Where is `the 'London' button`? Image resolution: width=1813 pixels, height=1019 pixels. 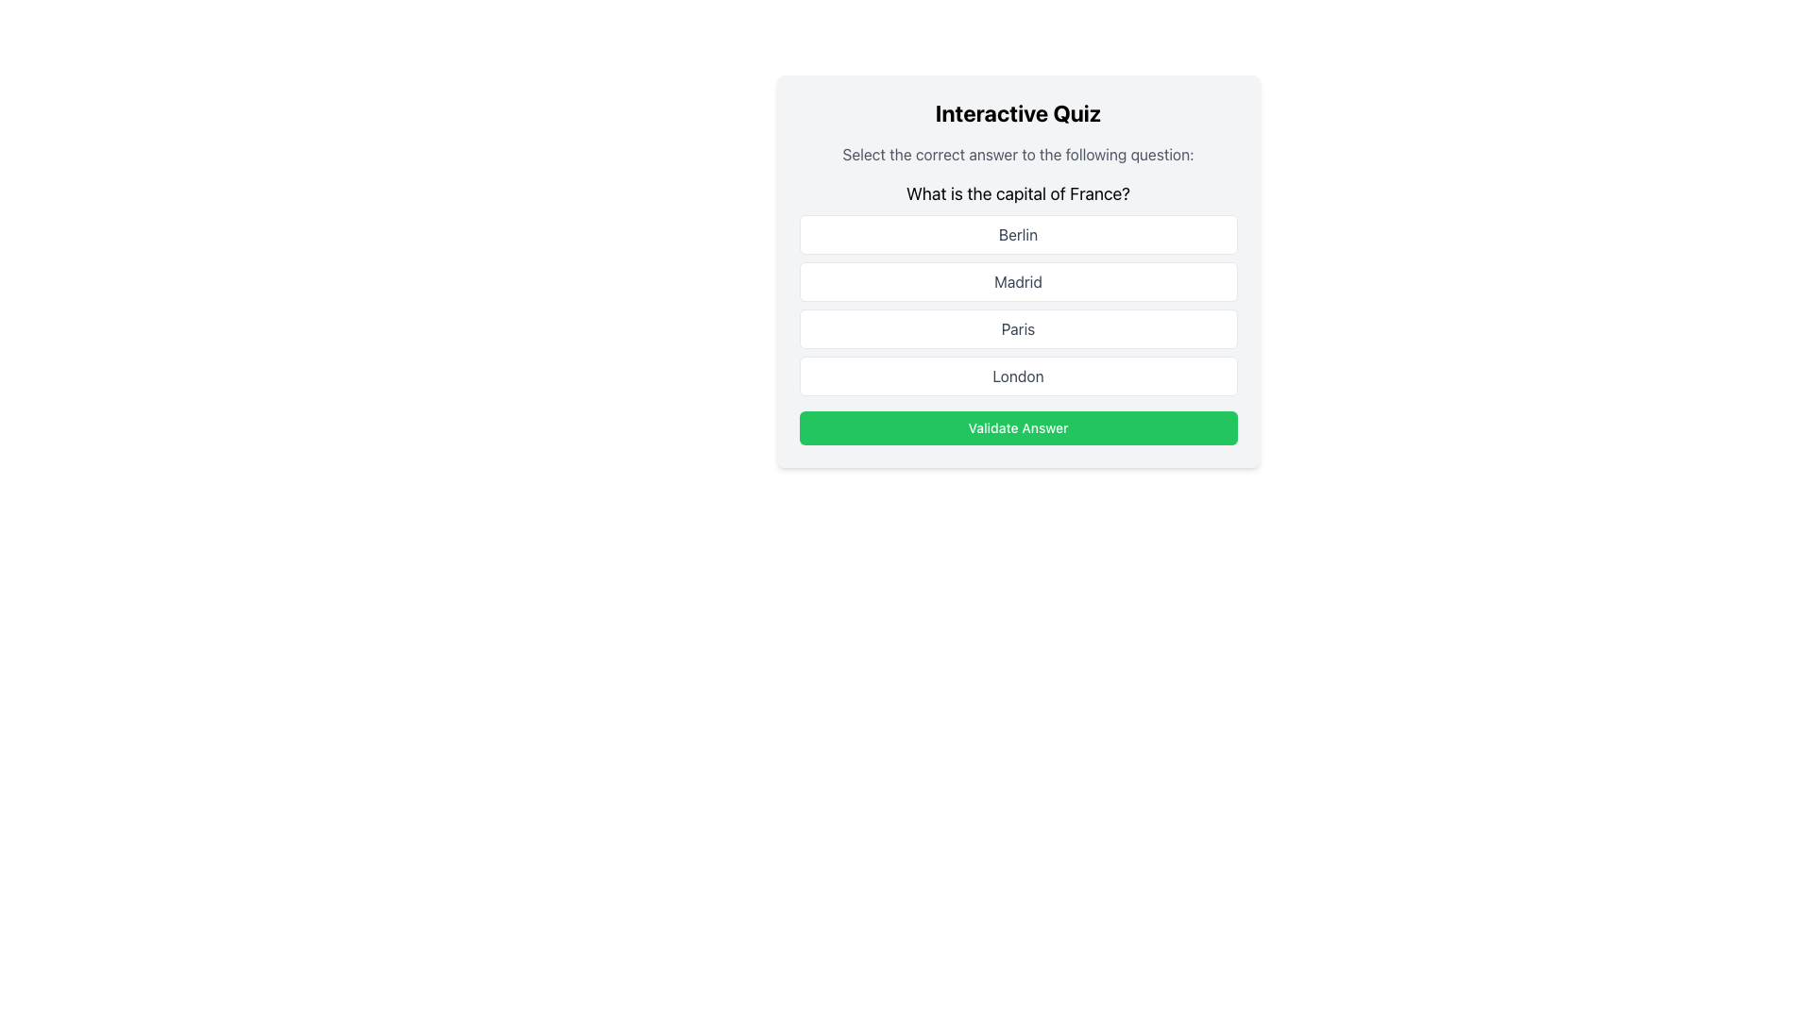
the 'London' button is located at coordinates (1017, 376).